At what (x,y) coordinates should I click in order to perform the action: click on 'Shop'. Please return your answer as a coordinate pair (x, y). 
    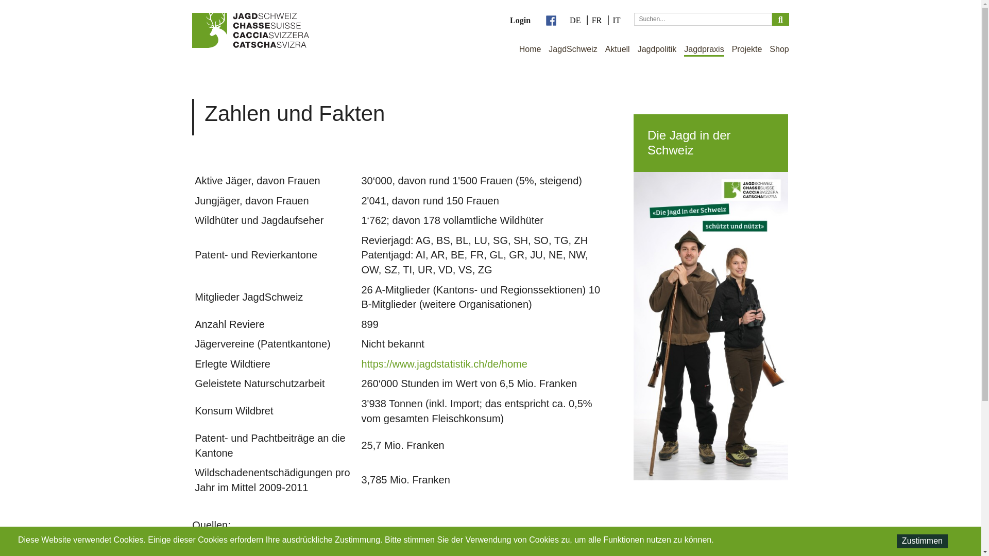
    Looking at the image, I should click on (779, 50).